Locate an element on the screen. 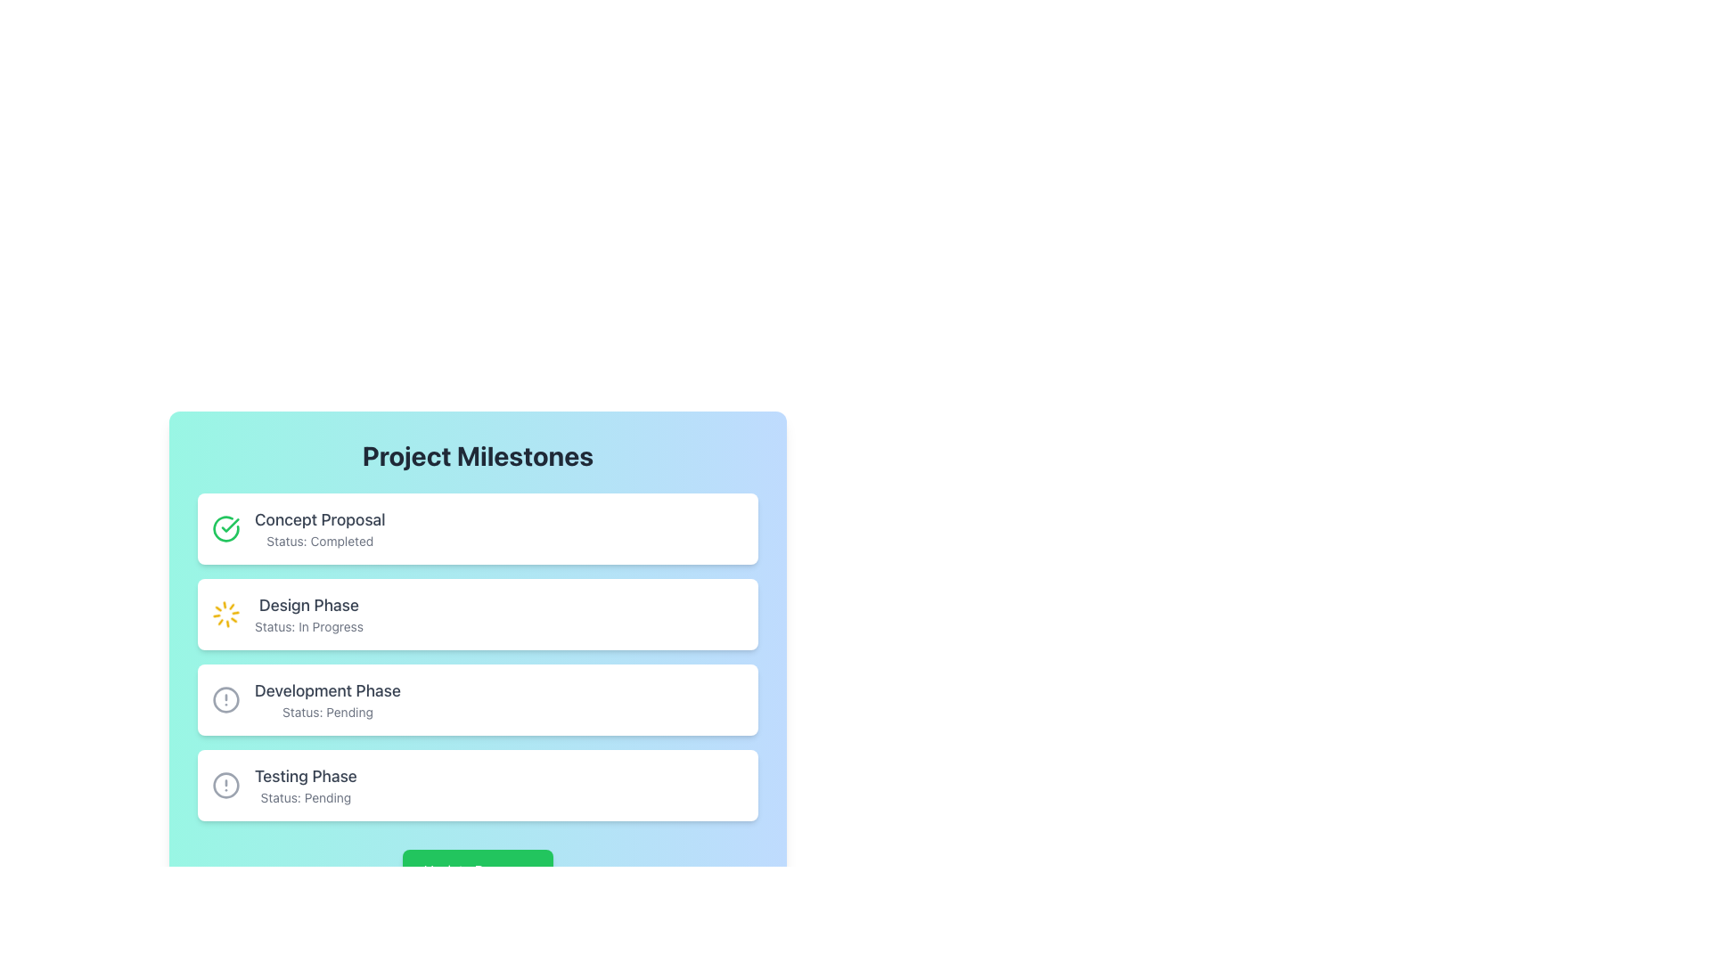 This screenshot has height=962, width=1711. the text display element that shows 'Testing Phase' and 'Status: Pending', which is the fourth entry in the vertical list of project milestones is located at coordinates (306, 785).